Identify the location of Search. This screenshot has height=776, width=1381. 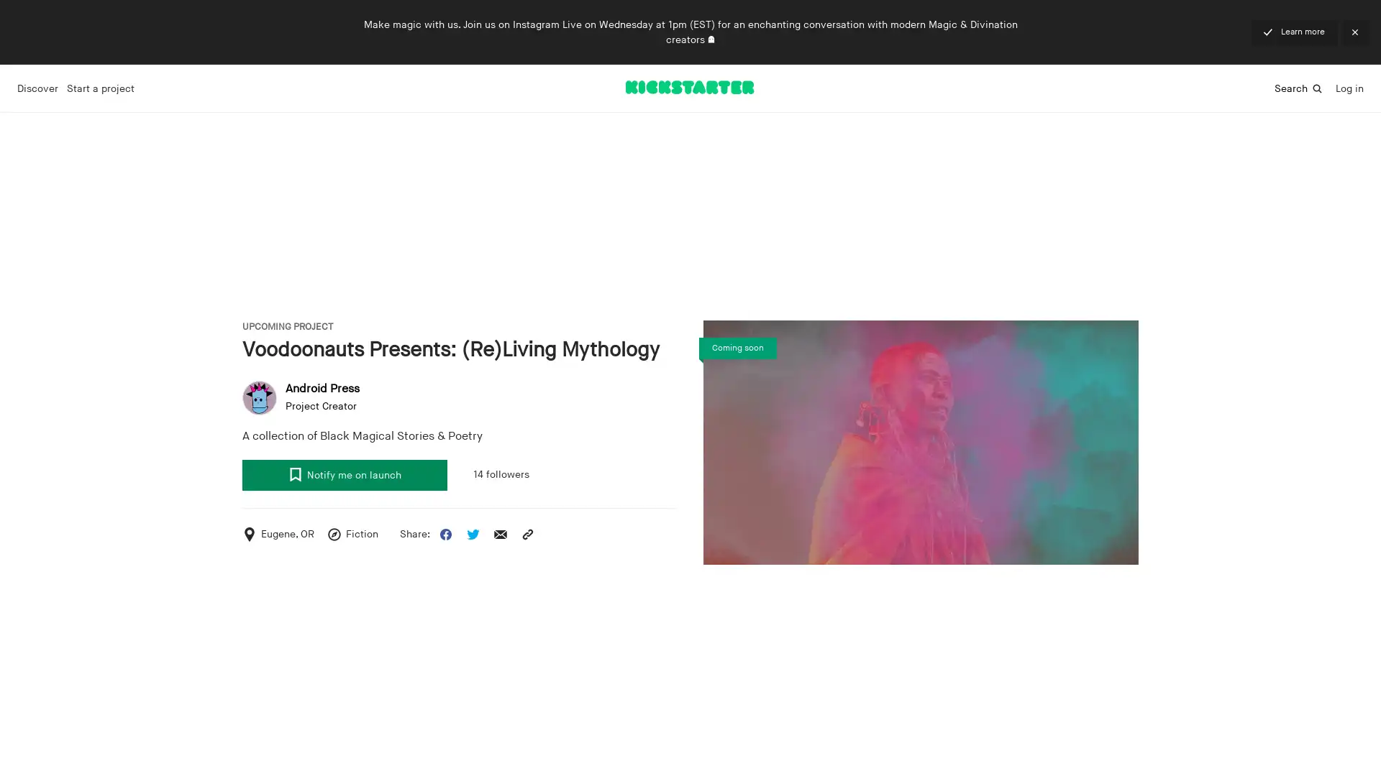
(1298, 88).